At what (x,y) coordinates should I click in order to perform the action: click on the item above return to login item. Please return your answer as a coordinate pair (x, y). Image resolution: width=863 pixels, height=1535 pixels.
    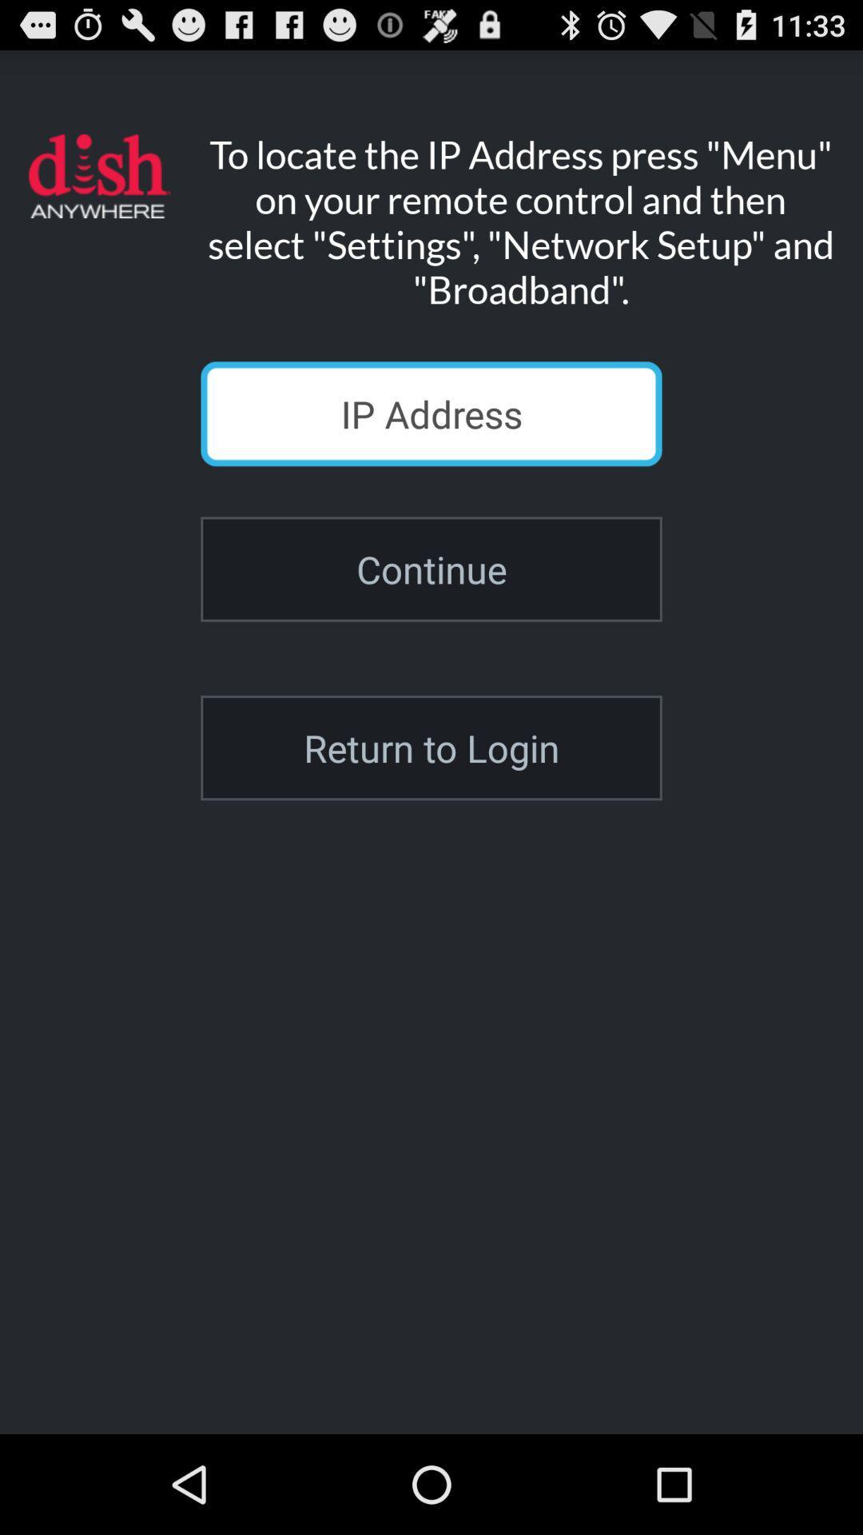
    Looking at the image, I should click on (431, 569).